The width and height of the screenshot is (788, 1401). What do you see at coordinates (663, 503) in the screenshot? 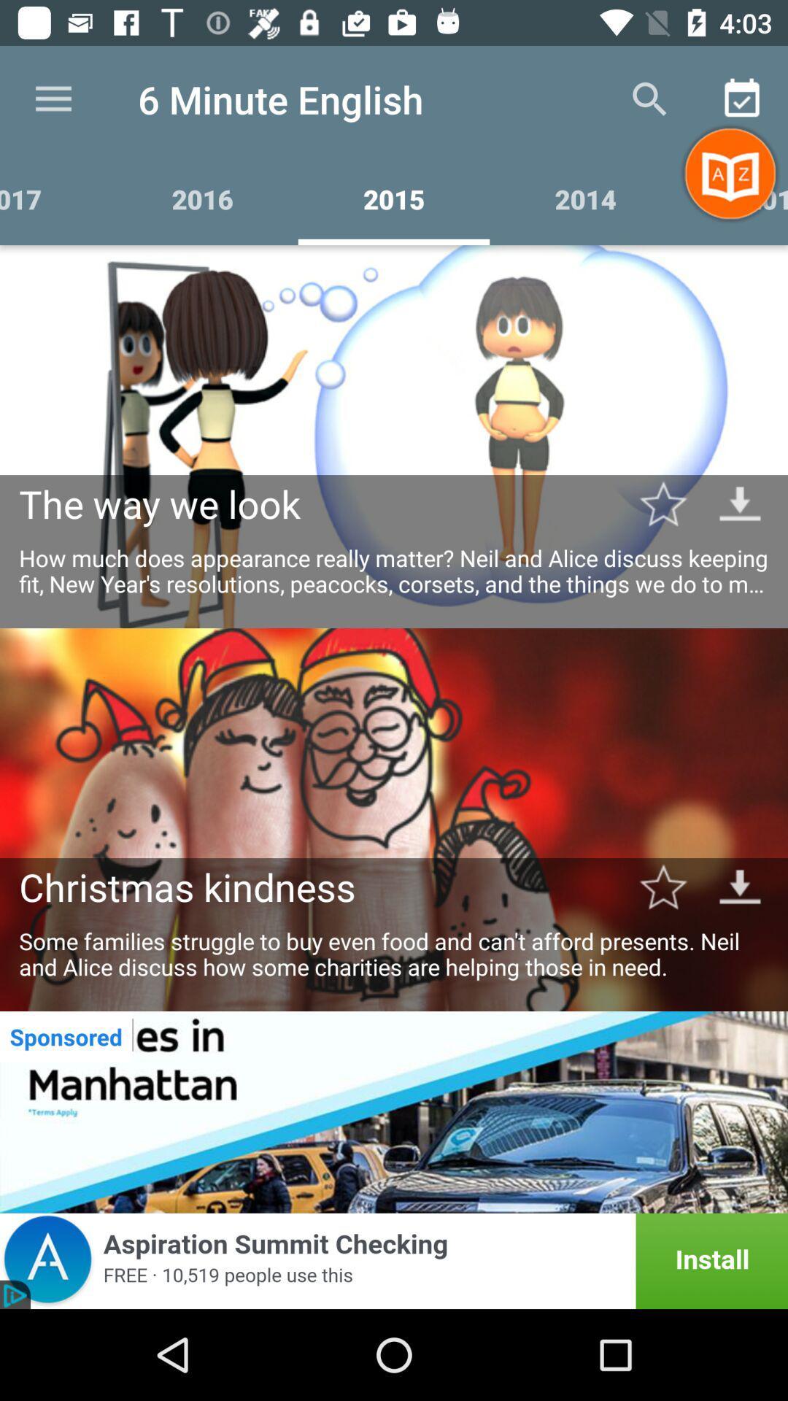
I see `to favorites` at bounding box center [663, 503].